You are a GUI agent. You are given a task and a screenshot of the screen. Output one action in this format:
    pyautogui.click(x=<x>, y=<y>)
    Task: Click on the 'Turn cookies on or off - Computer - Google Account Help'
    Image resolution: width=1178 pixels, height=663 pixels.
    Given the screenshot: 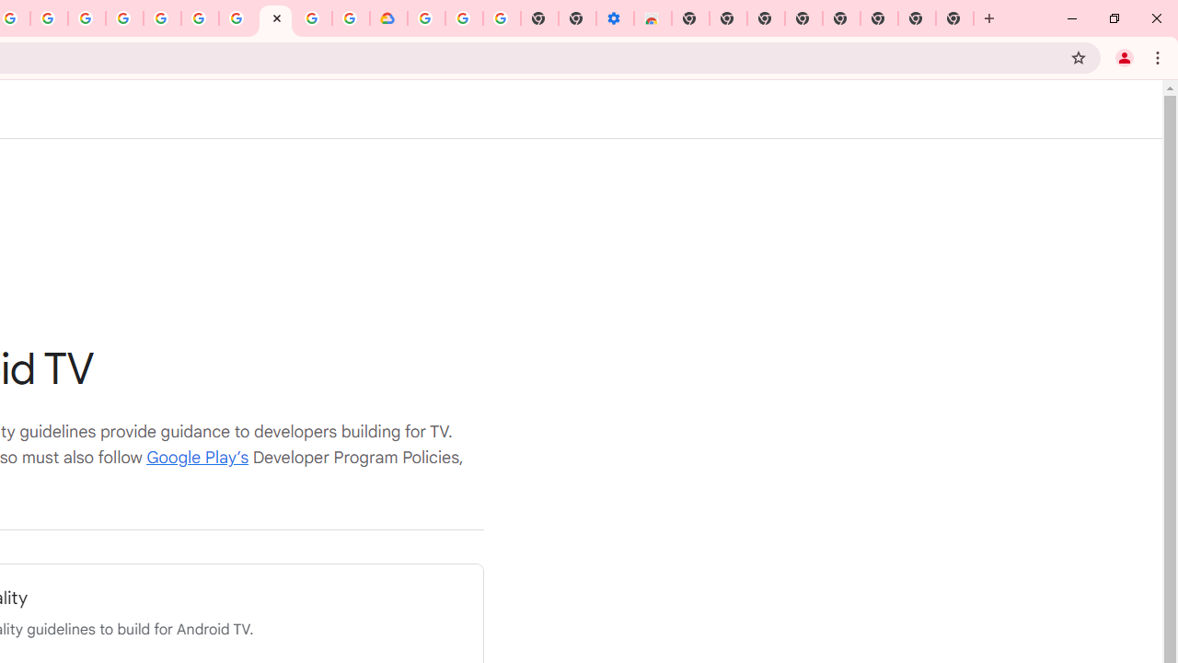 What is the action you would take?
    pyautogui.click(x=502, y=18)
    